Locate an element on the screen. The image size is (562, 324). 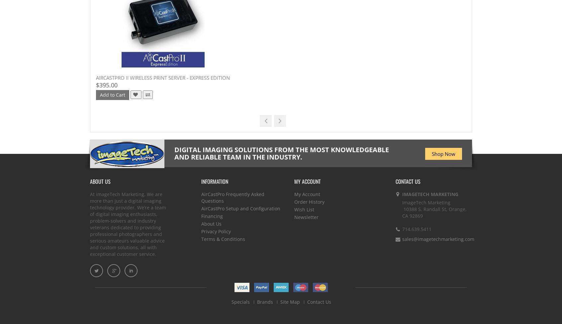
'AirCastPro Setup and Configuration' is located at coordinates (240, 208).